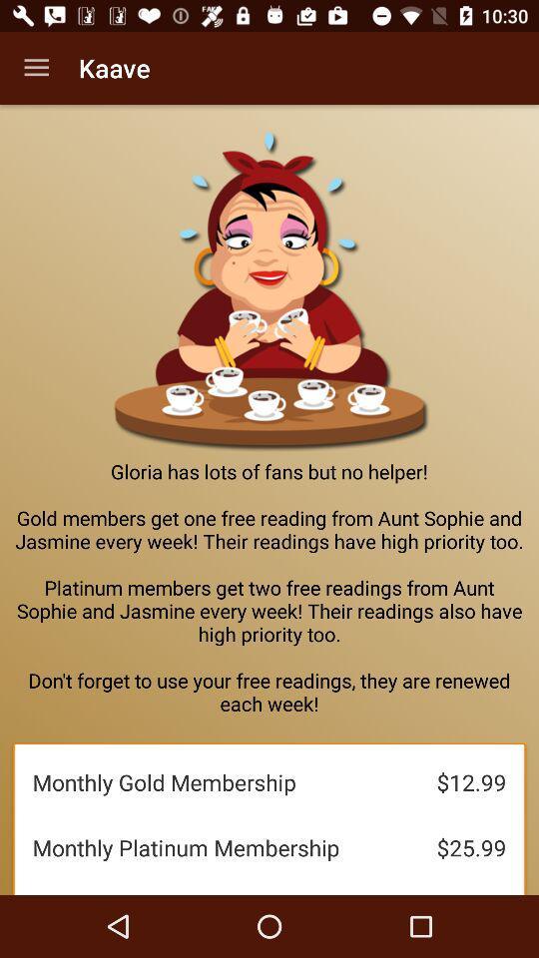 The image size is (539, 958). I want to click on the item above gloria has lots icon, so click(36, 68).